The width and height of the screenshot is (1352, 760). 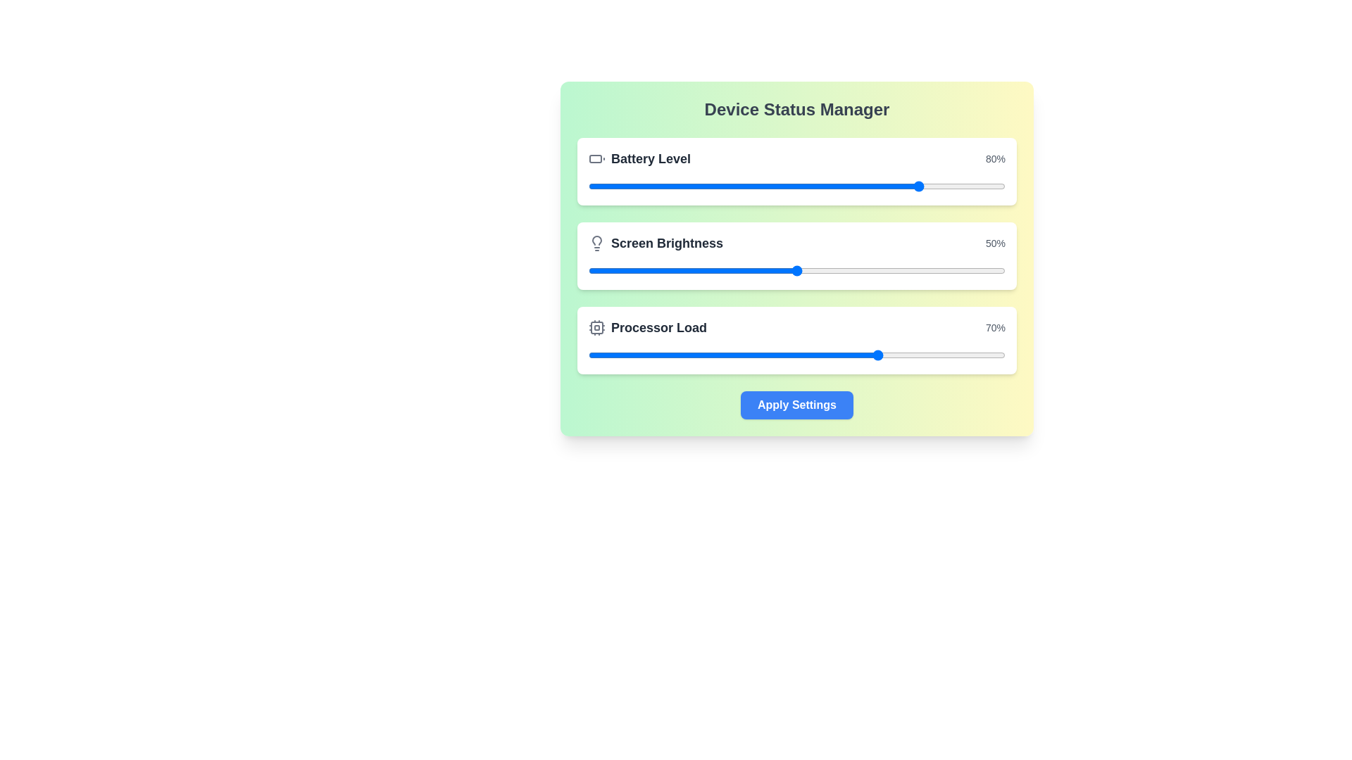 I want to click on Processor Load, so click(x=663, y=355).